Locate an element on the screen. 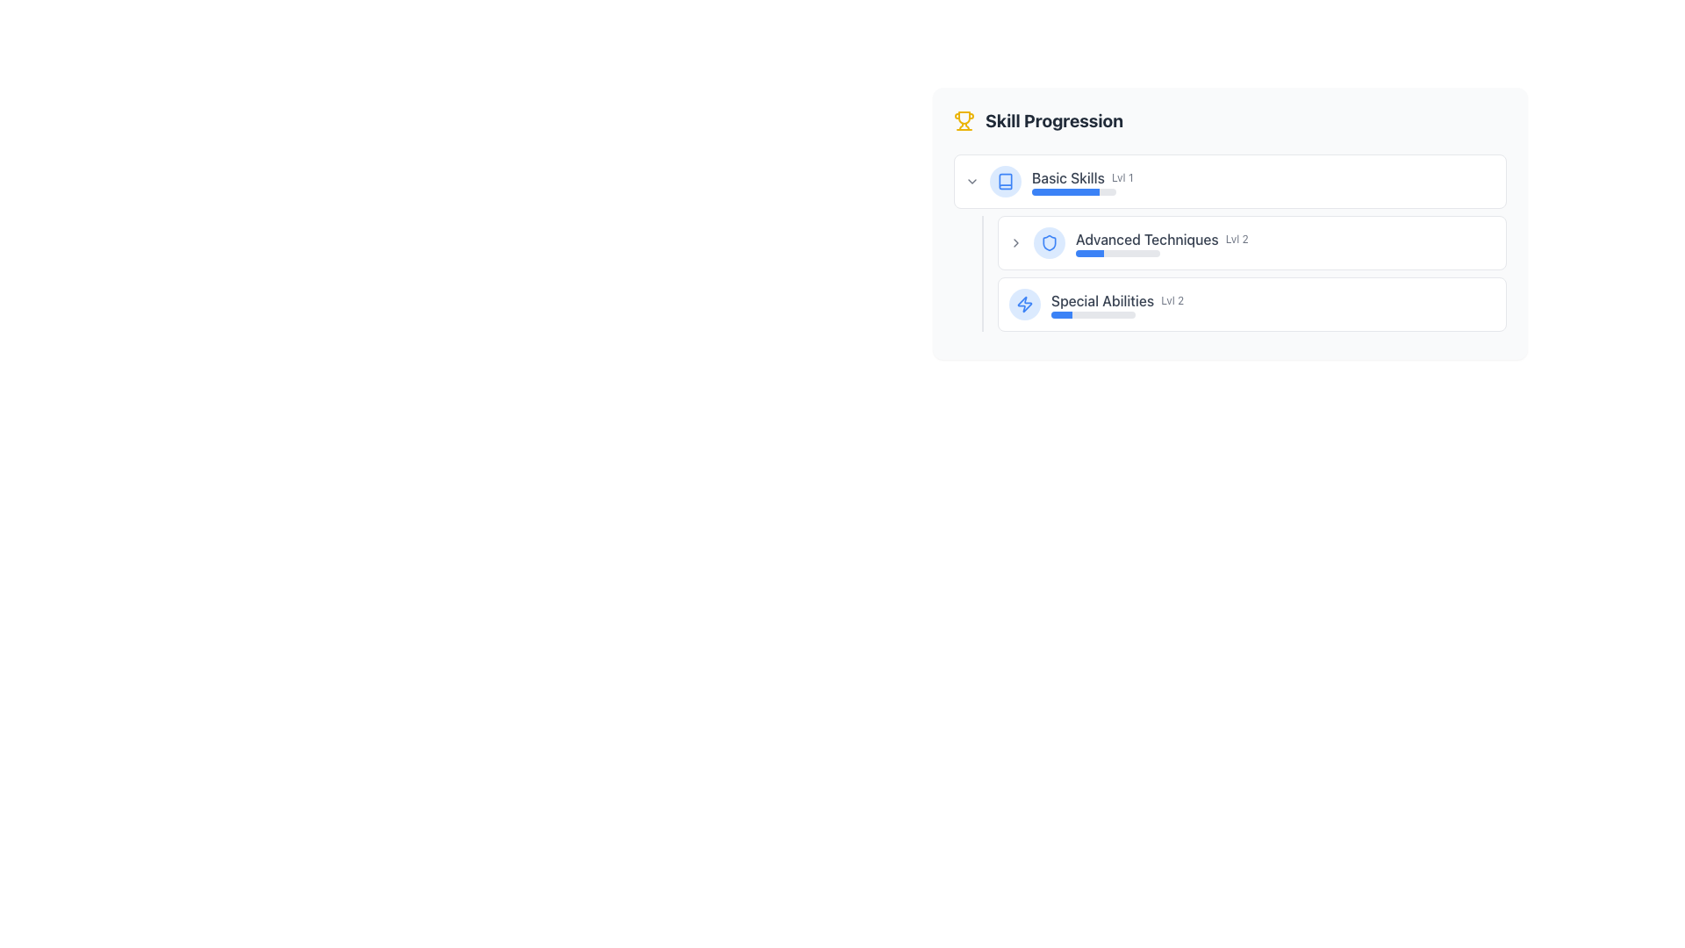 This screenshot has width=1685, height=948. the Progress bar located below the 'Special Abilities Lvl 2' text in the right-side section of the interface, which is part of the 'Special Abilities' item in the 'Skill Progression' list is located at coordinates (1093, 313).